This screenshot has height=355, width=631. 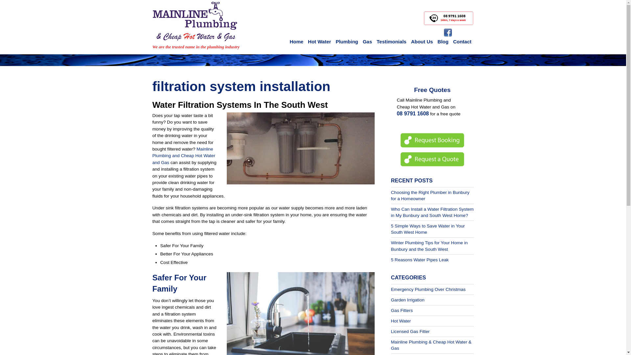 What do you see at coordinates (462, 41) in the screenshot?
I see `'Contact'` at bounding box center [462, 41].